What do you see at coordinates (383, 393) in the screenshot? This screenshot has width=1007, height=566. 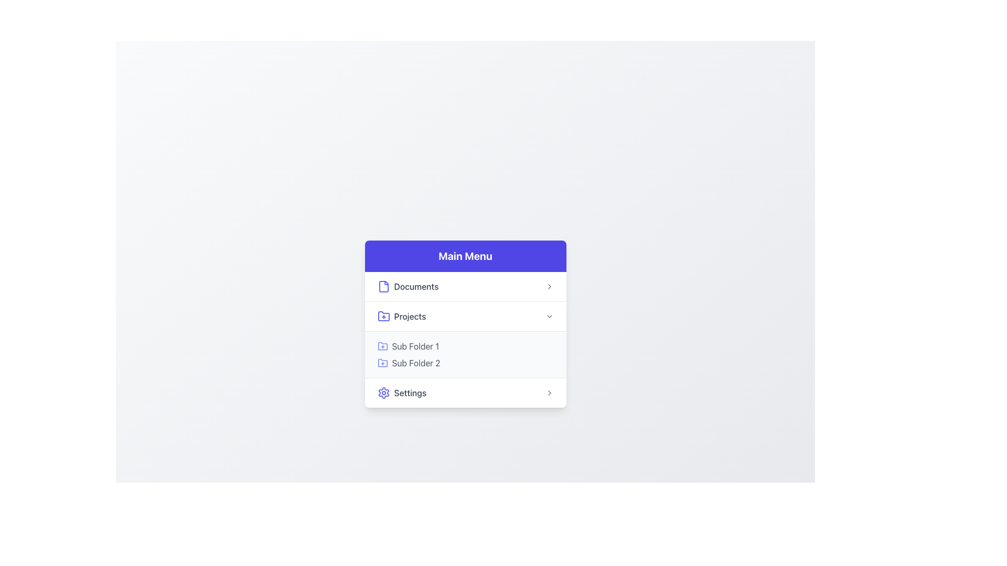 I see `the 'Settings' menu icon` at bounding box center [383, 393].